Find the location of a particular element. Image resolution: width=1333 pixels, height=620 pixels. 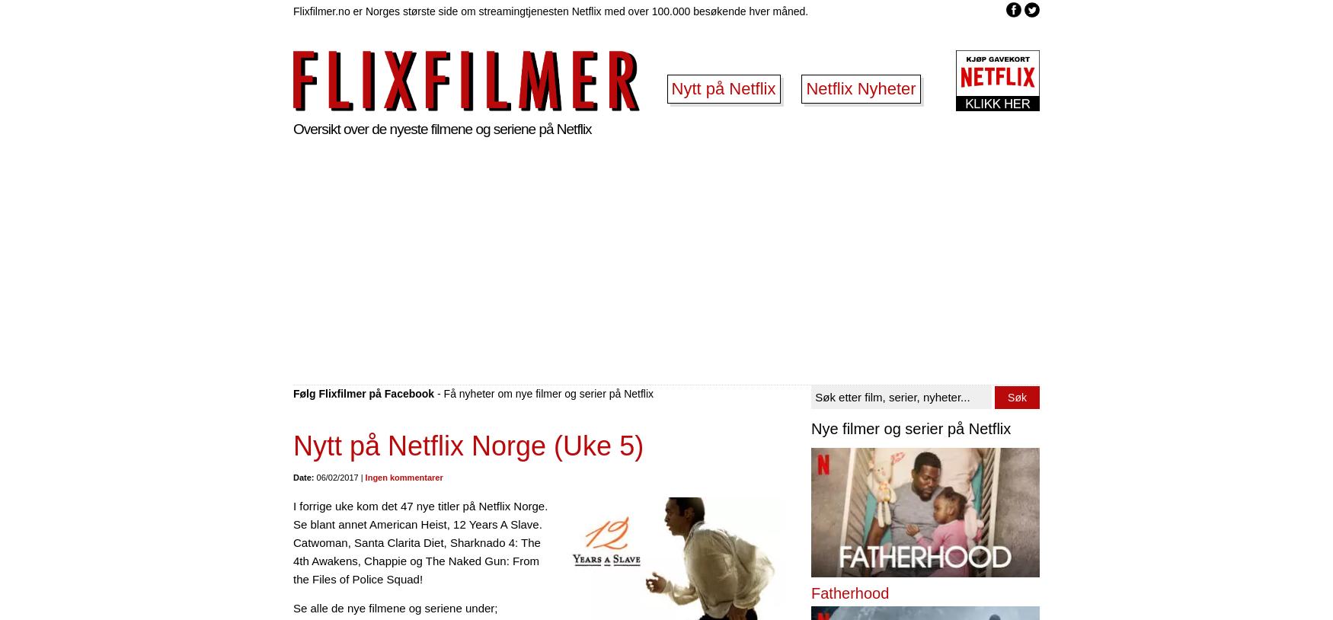

'- Få nyheter om nye filmer og serier på Netflix' is located at coordinates (544, 392).